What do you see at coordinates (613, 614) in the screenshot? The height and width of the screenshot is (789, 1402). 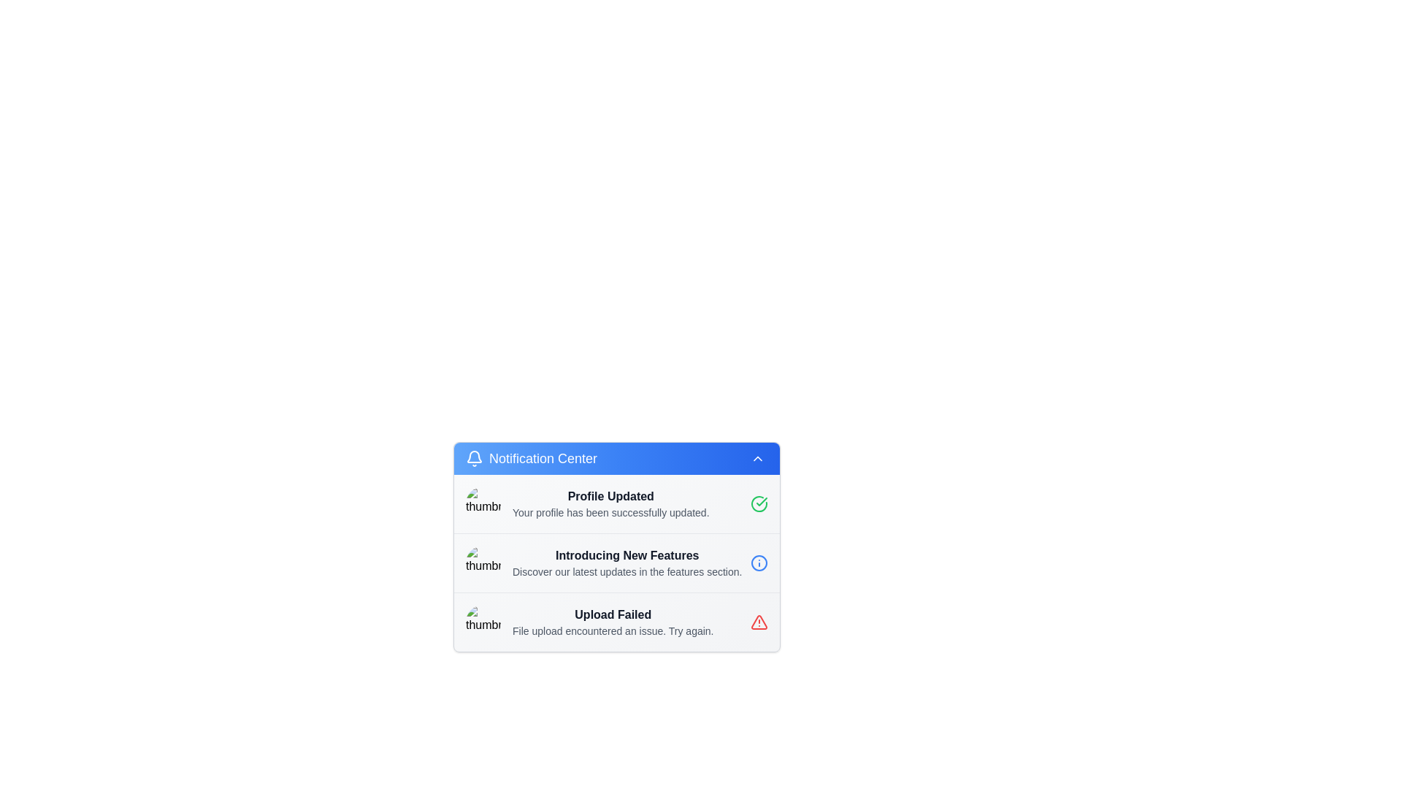 I see `the error message text label indicating an unsuccessful upload operation` at bounding box center [613, 614].